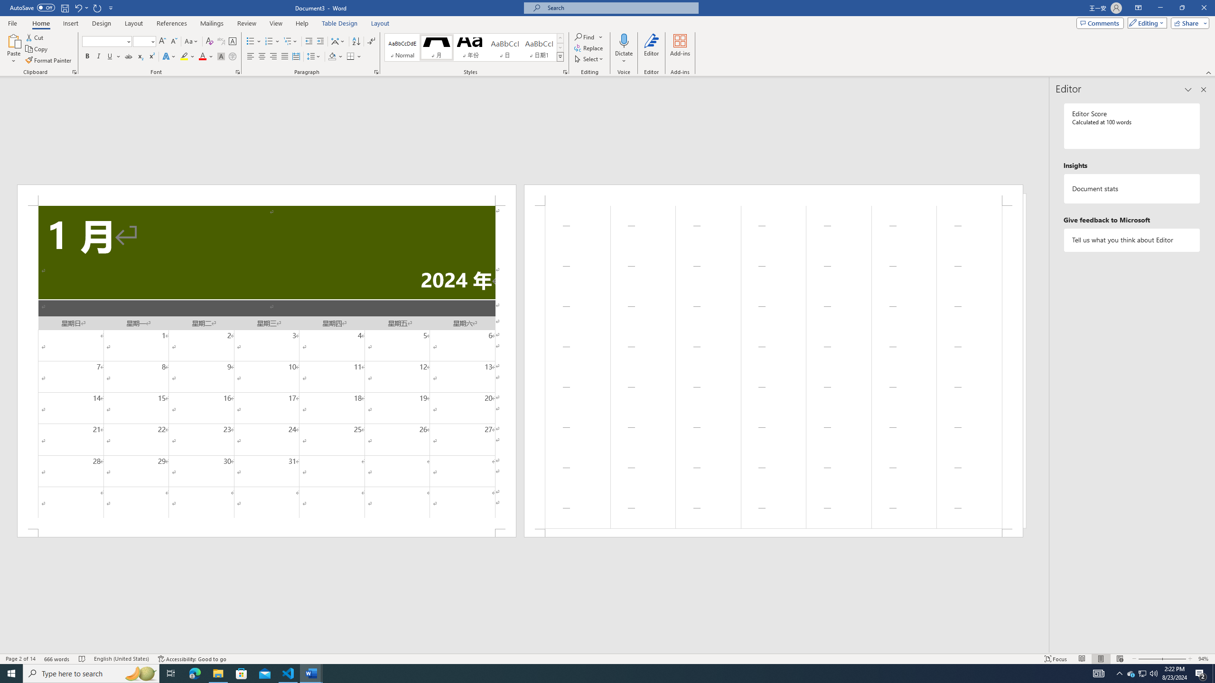  I want to click on 'Word Count 666 words', so click(57, 659).